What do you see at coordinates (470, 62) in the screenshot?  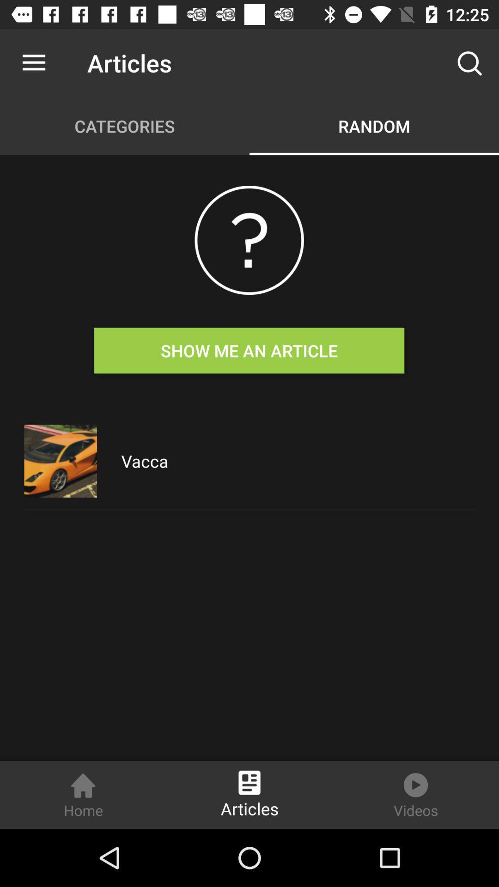 I see `item next to the articles icon` at bounding box center [470, 62].